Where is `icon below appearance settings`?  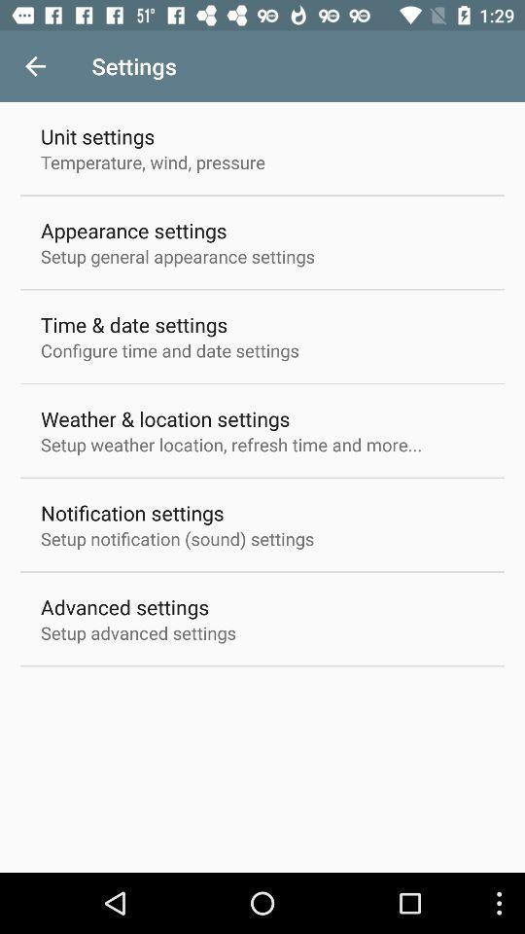
icon below appearance settings is located at coordinates (178, 255).